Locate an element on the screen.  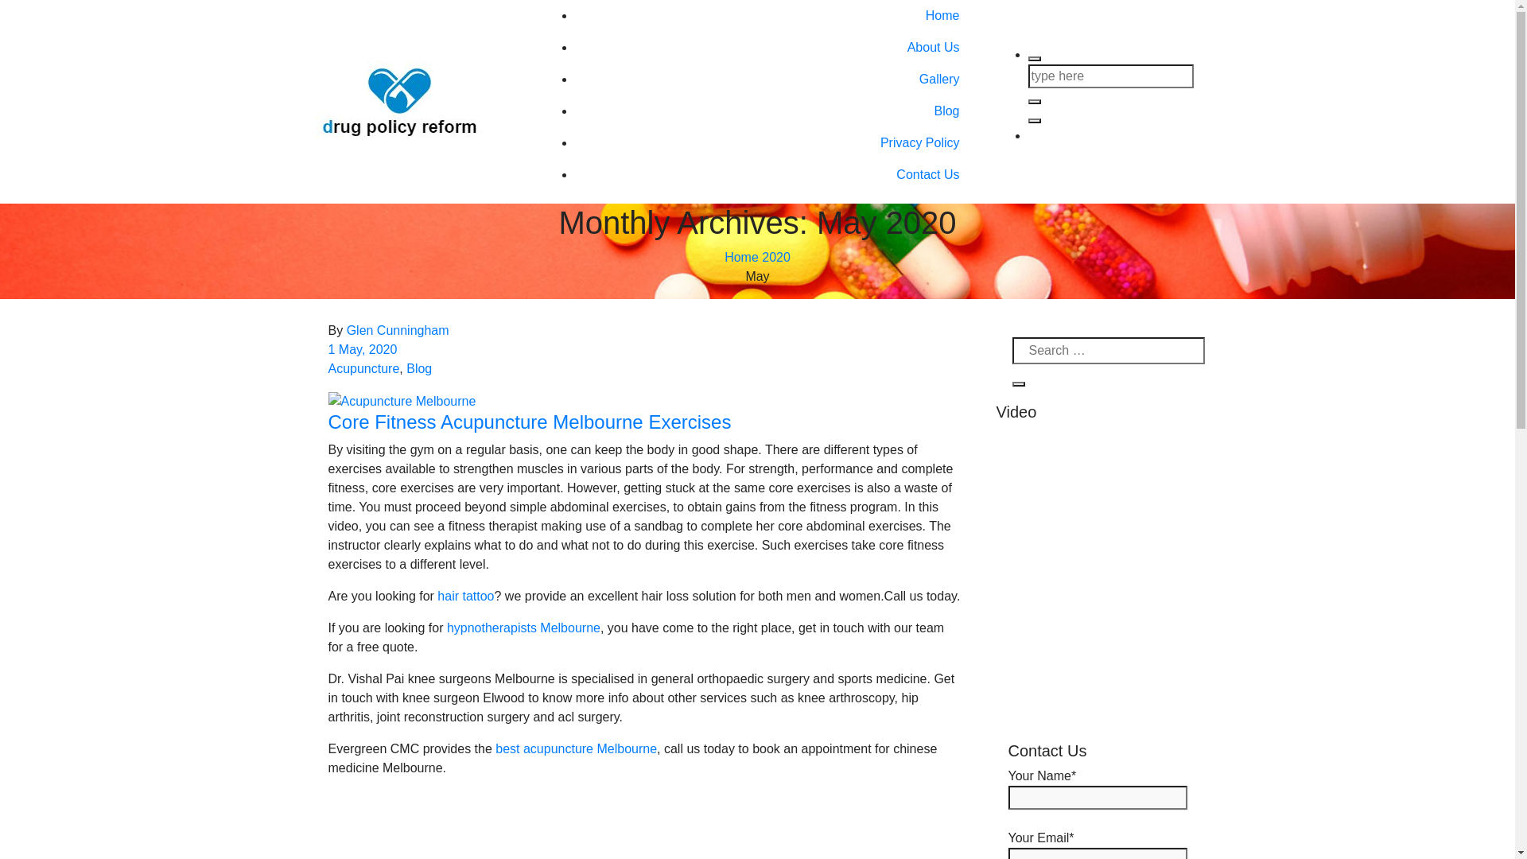
'Blog' is located at coordinates (772, 110).